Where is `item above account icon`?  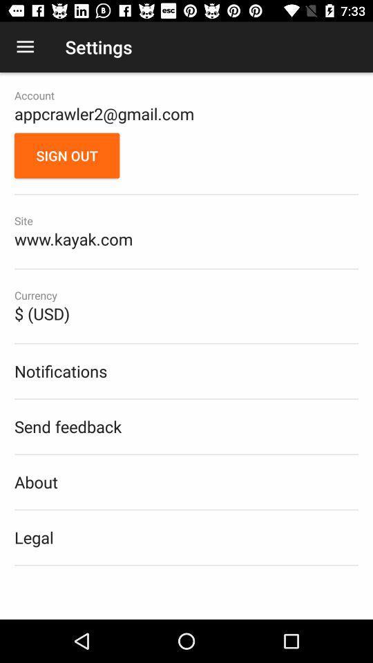
item above account icon is located at coordinates (25, 47).